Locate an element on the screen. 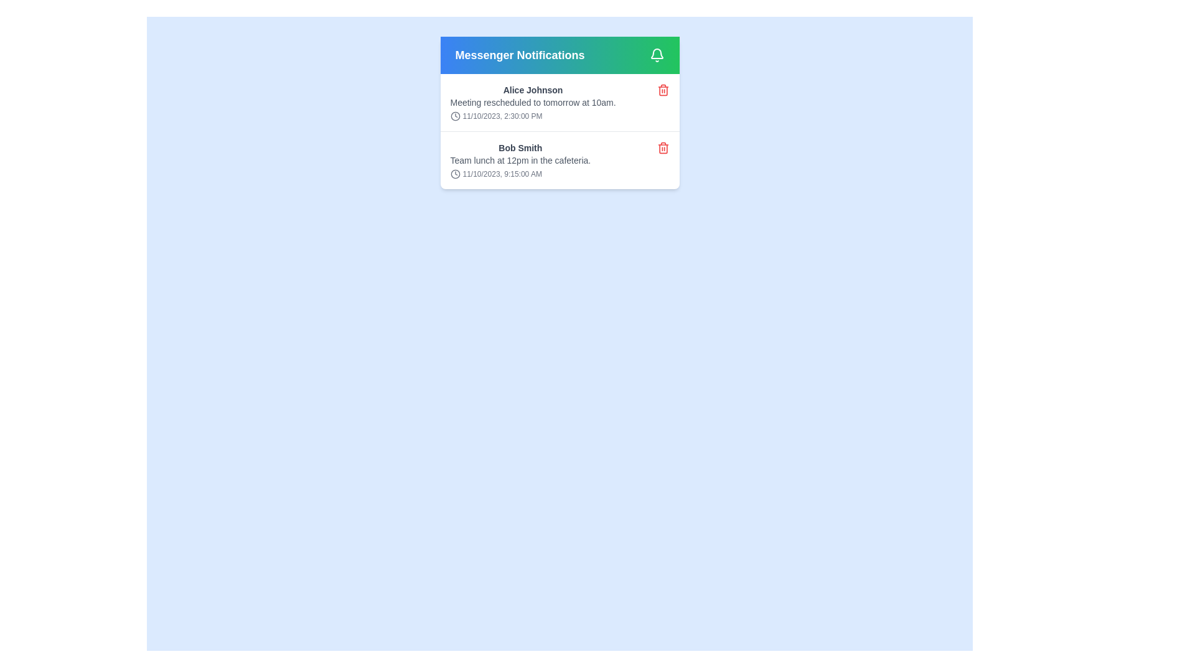 This screenshot has width=1195, height=672. the timestamp text label under the message 'Meeting rescheduled to tomorrow at 10am.' in the notification card for Alice Johnson is located at coordinates (533, 116).